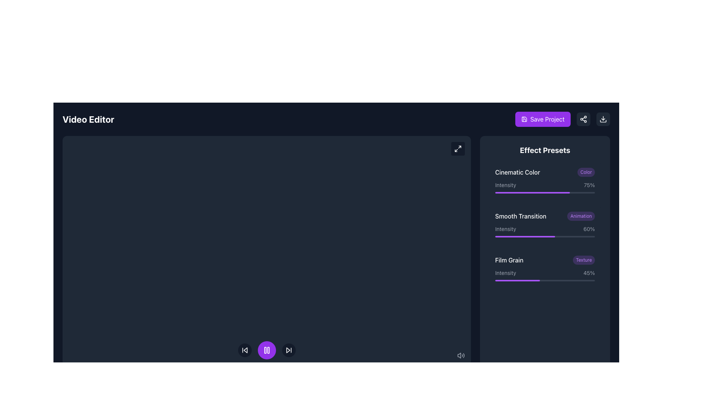 The width and height of the screenshot is (728, 409). I want to click on the text label indicating the intensity level for the 'Cinematic Color' effect, located under the 'Effect Presets' section on the right sidebar, so click(589, 185).